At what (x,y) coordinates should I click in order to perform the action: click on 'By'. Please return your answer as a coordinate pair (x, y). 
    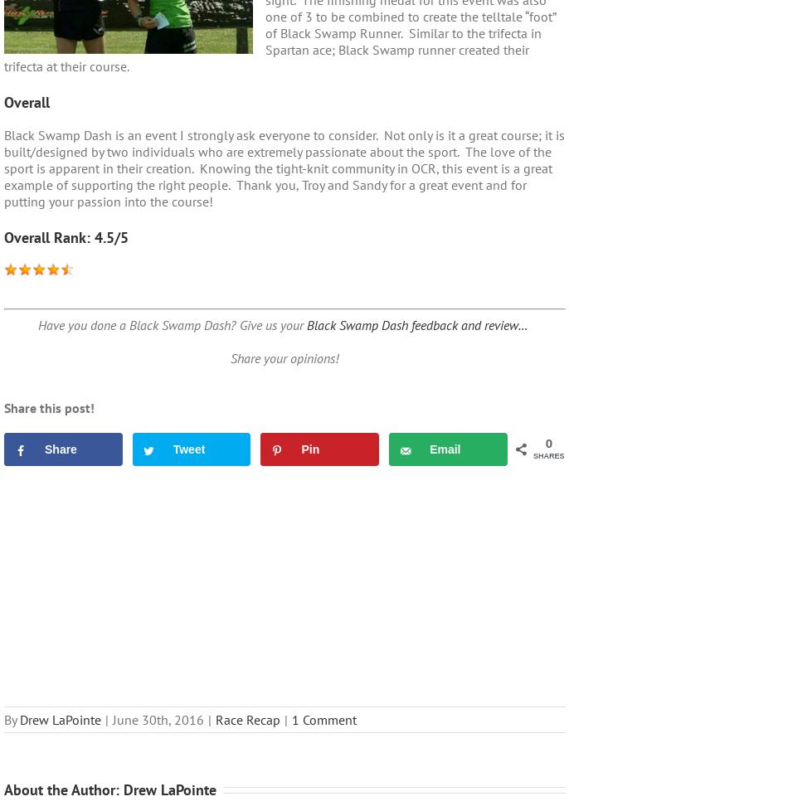
    Looking at the image, I should click on (4, 718).